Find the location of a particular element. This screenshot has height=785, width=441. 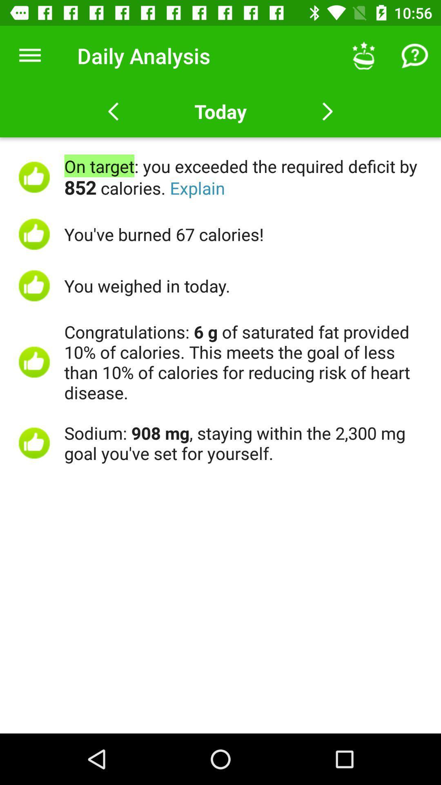

icon above on target you is located at coordinates (29, 55).